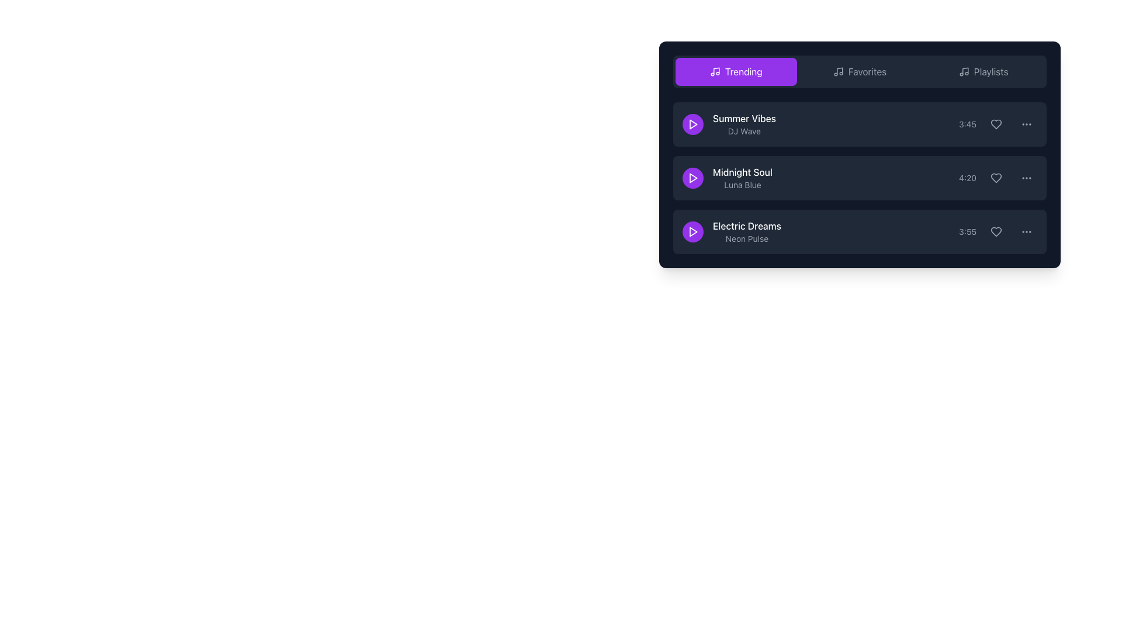  I want to click on on the informational text block displaying the music track title 'Summer Vibes' by artist 'DJ Wave', so click(729, 124).